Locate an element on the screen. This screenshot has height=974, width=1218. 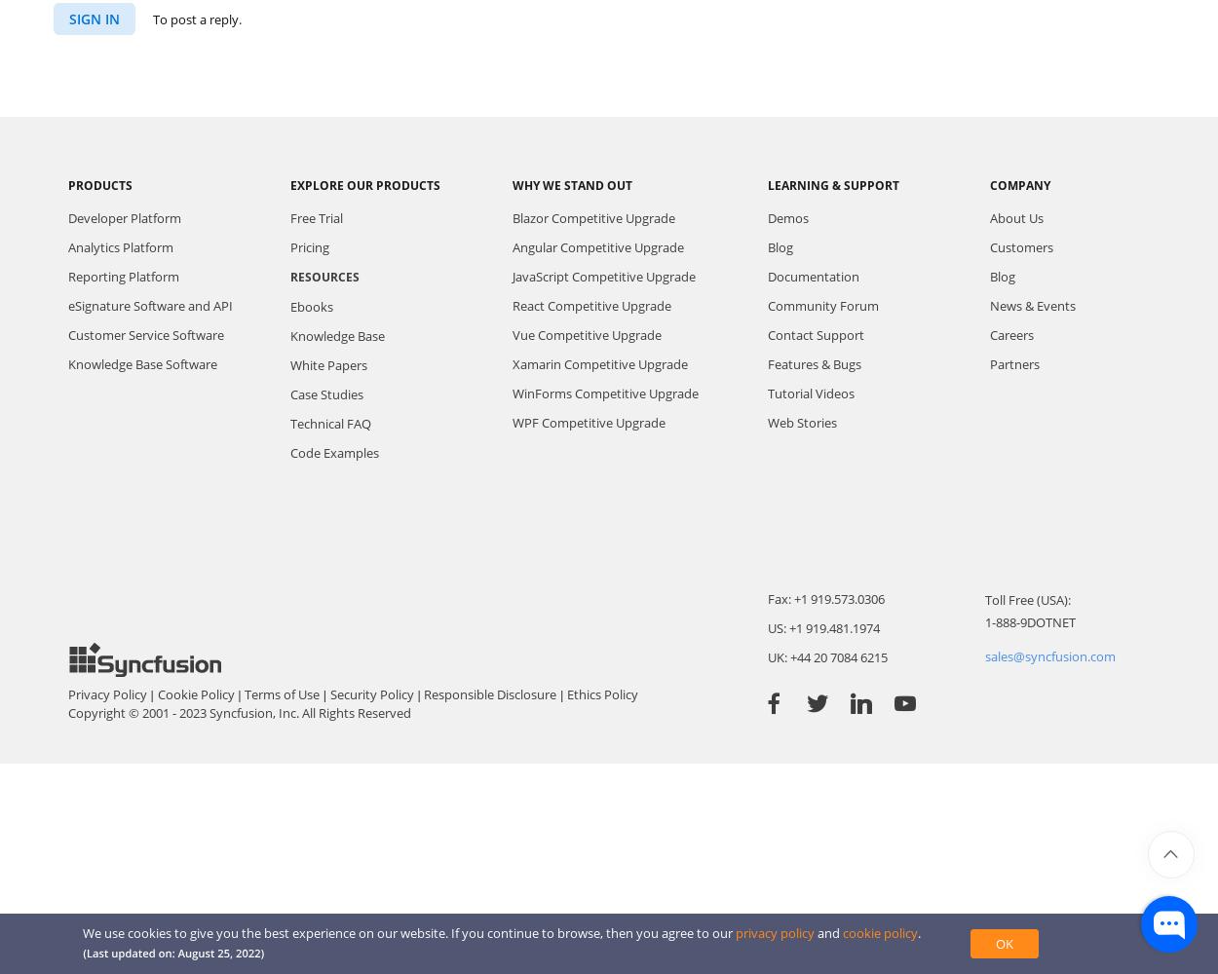
'Community Forum' is located at coordinates (768, 305).